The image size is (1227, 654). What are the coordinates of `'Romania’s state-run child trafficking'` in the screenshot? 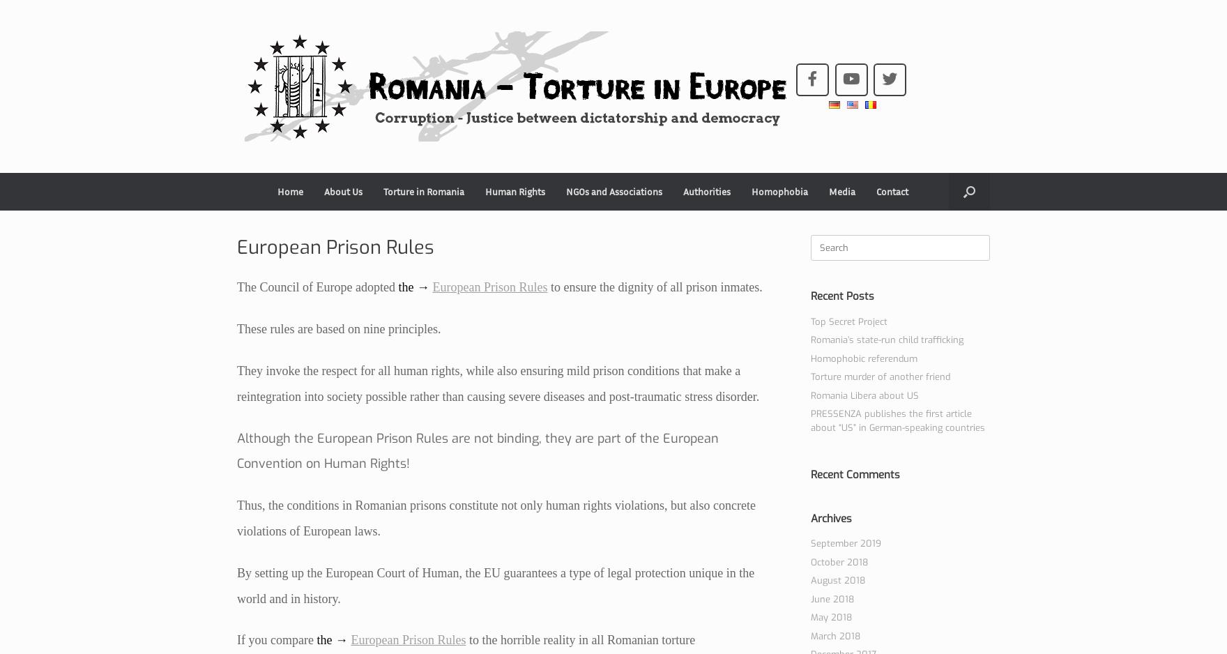 It's located at (437, 301).